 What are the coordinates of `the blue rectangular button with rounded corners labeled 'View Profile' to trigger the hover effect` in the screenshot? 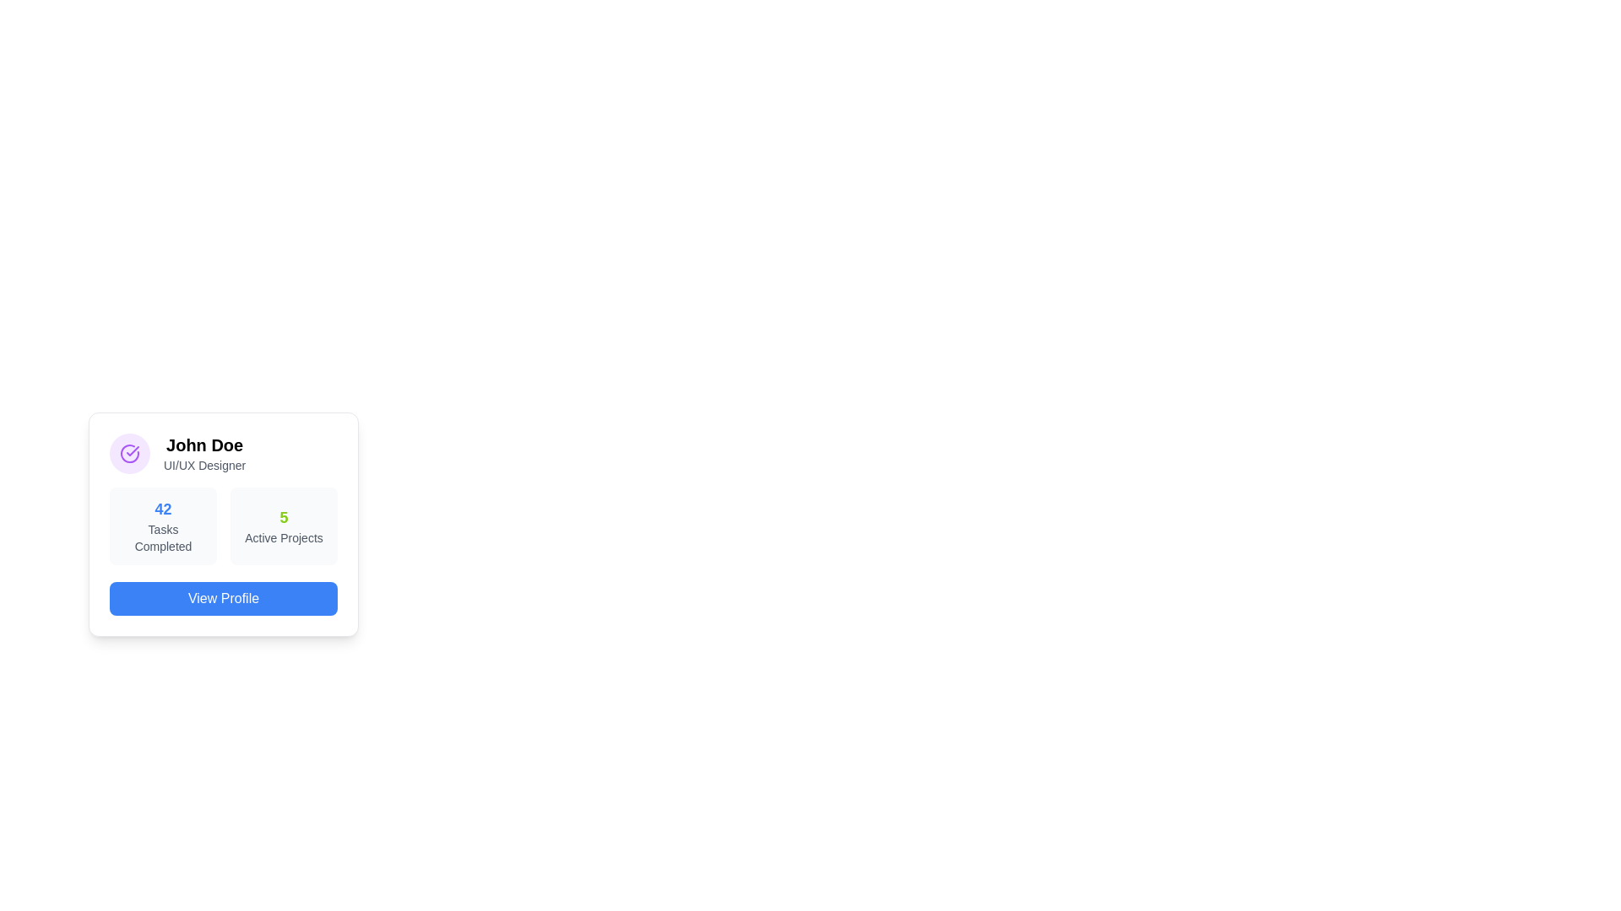 It's located at (222, 597).